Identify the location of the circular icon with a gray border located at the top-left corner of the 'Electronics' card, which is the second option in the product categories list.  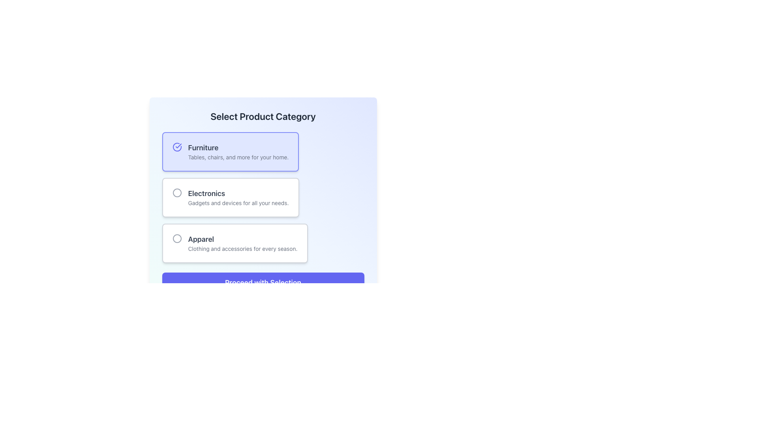
(176, 193).